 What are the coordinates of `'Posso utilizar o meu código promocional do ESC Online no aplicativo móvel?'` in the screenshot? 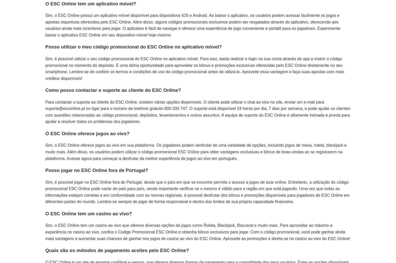 It's located at (133, 46).